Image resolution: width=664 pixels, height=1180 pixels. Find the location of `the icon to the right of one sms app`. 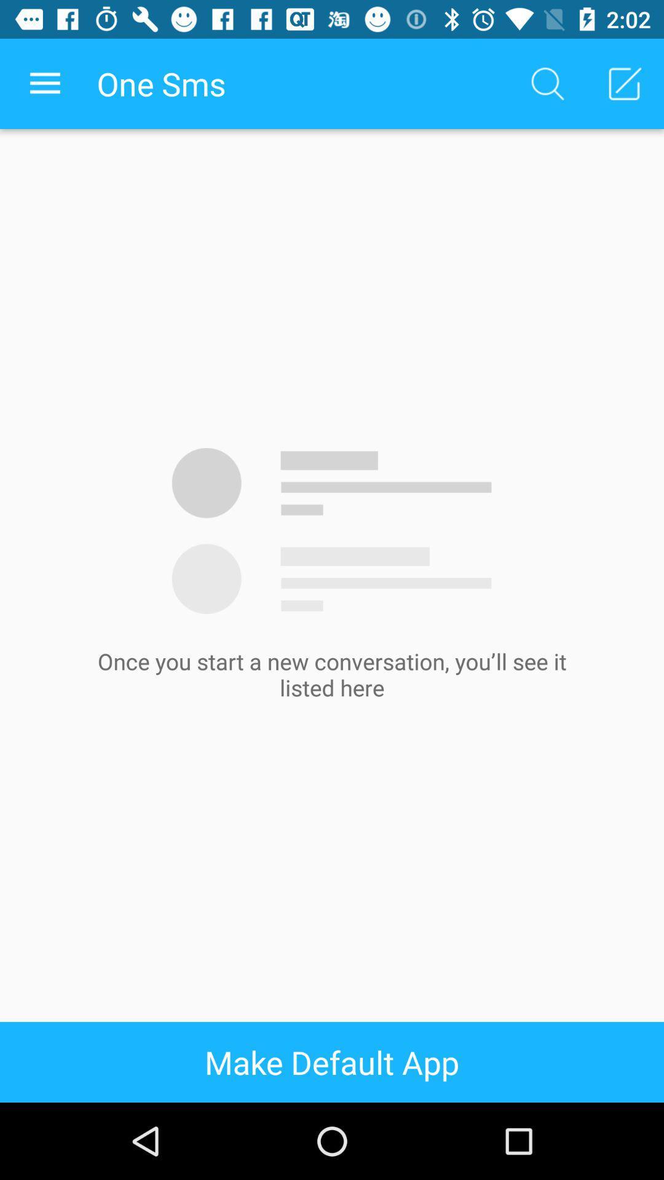

the icon to the right of one sms app is located at coordinates (547, 83).